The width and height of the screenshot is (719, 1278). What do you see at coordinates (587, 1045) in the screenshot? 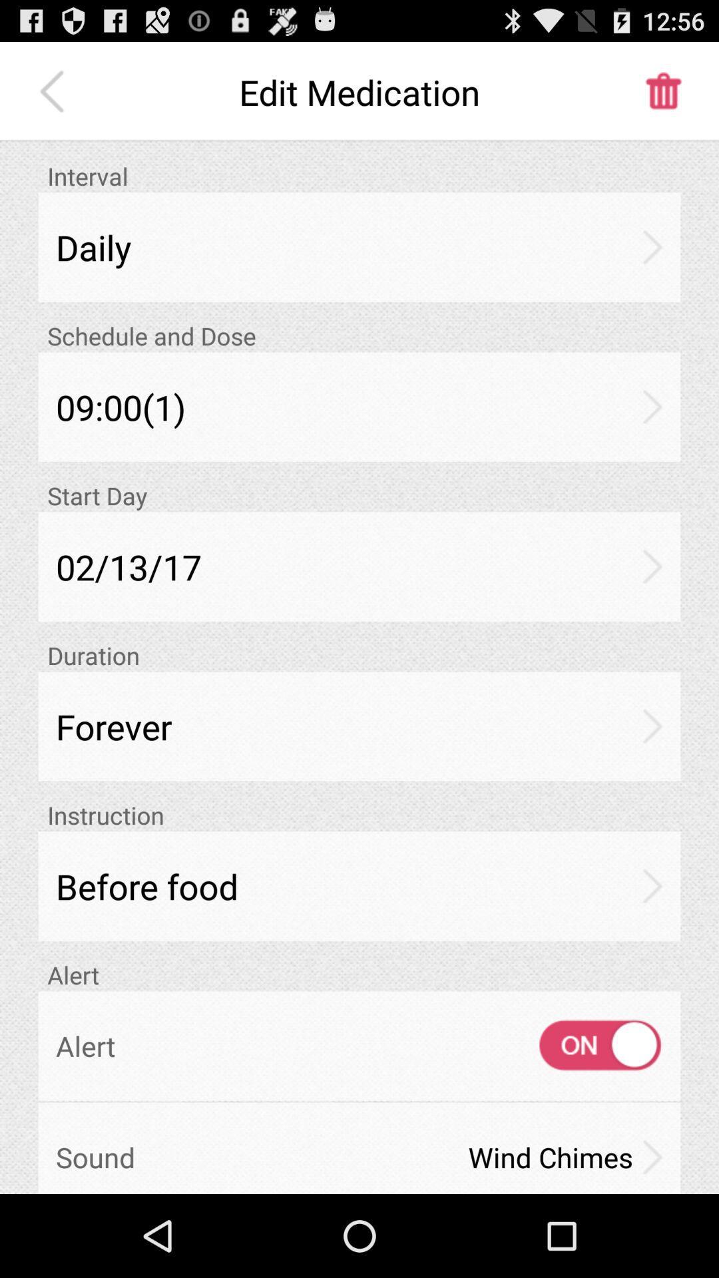
I see `icon next to alert` at bounding box center [587, 1045].